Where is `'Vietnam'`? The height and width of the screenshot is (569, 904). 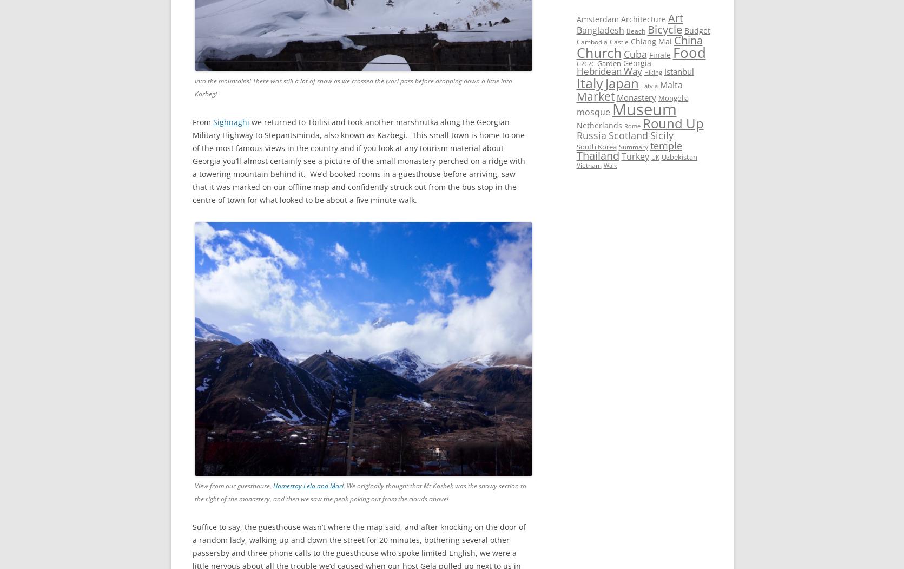
'Vietnam' is located at coordinates (588, 163).